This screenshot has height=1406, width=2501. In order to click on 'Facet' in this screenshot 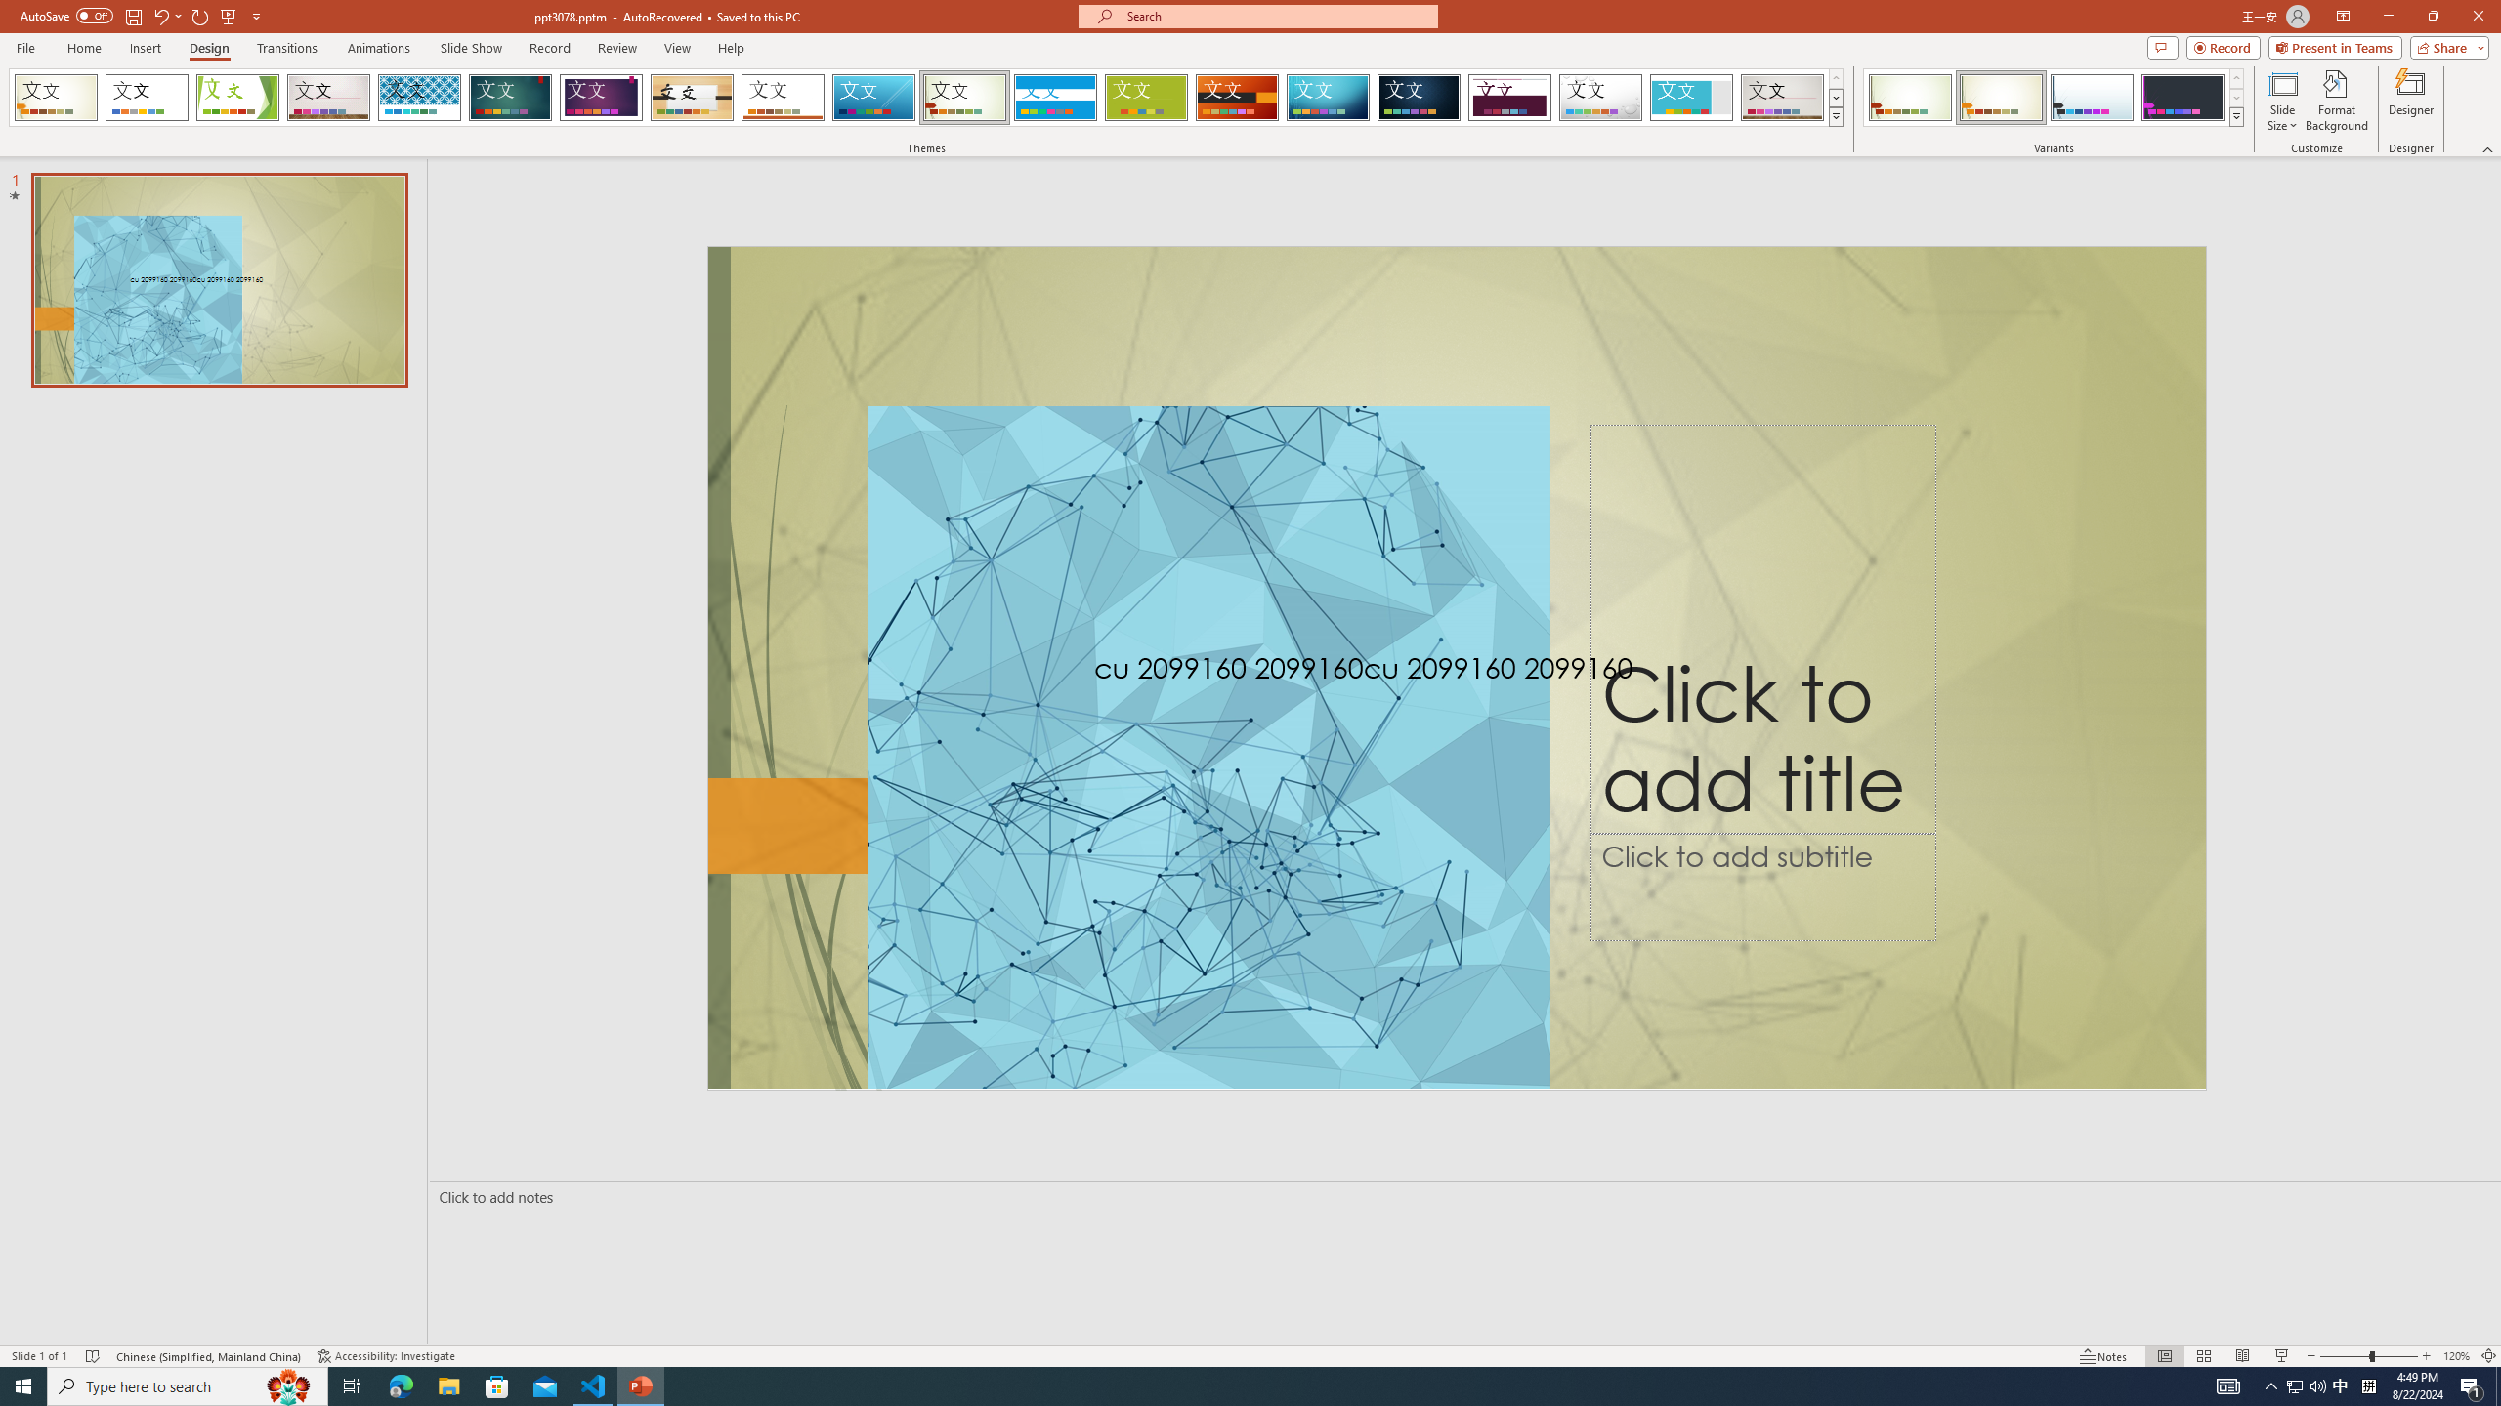, I will do `click(236, 97)`.